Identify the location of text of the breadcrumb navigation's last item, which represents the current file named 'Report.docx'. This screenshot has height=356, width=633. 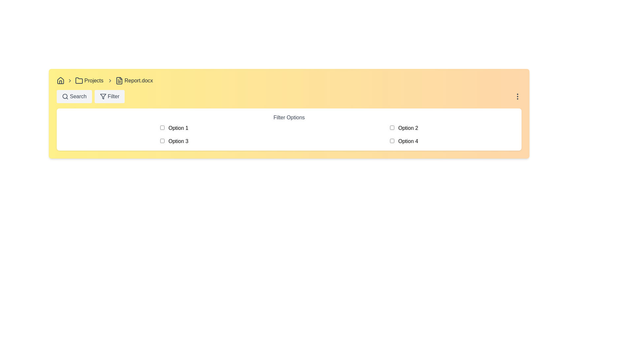
(138, 80).